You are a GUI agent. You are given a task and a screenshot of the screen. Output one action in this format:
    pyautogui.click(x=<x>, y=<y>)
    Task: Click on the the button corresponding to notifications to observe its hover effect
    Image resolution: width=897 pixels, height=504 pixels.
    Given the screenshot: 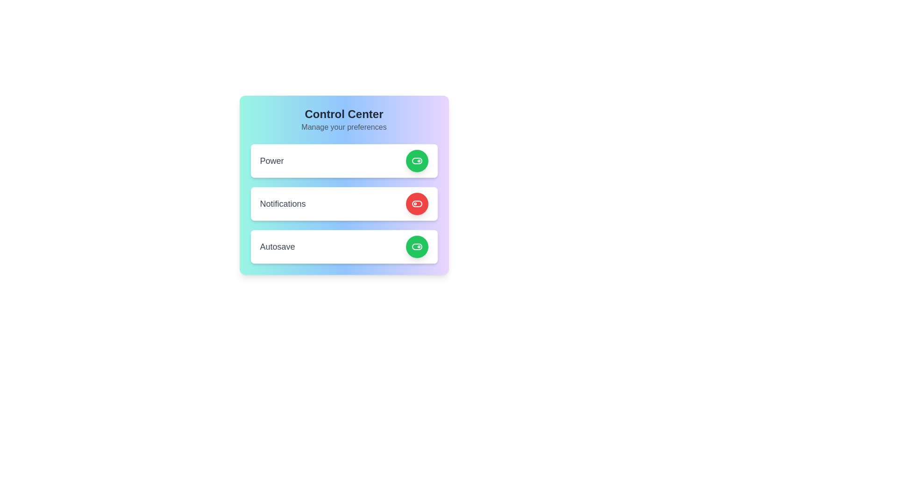 What is the action you would take?
    pyautogui.click(x=416, y=203)
    